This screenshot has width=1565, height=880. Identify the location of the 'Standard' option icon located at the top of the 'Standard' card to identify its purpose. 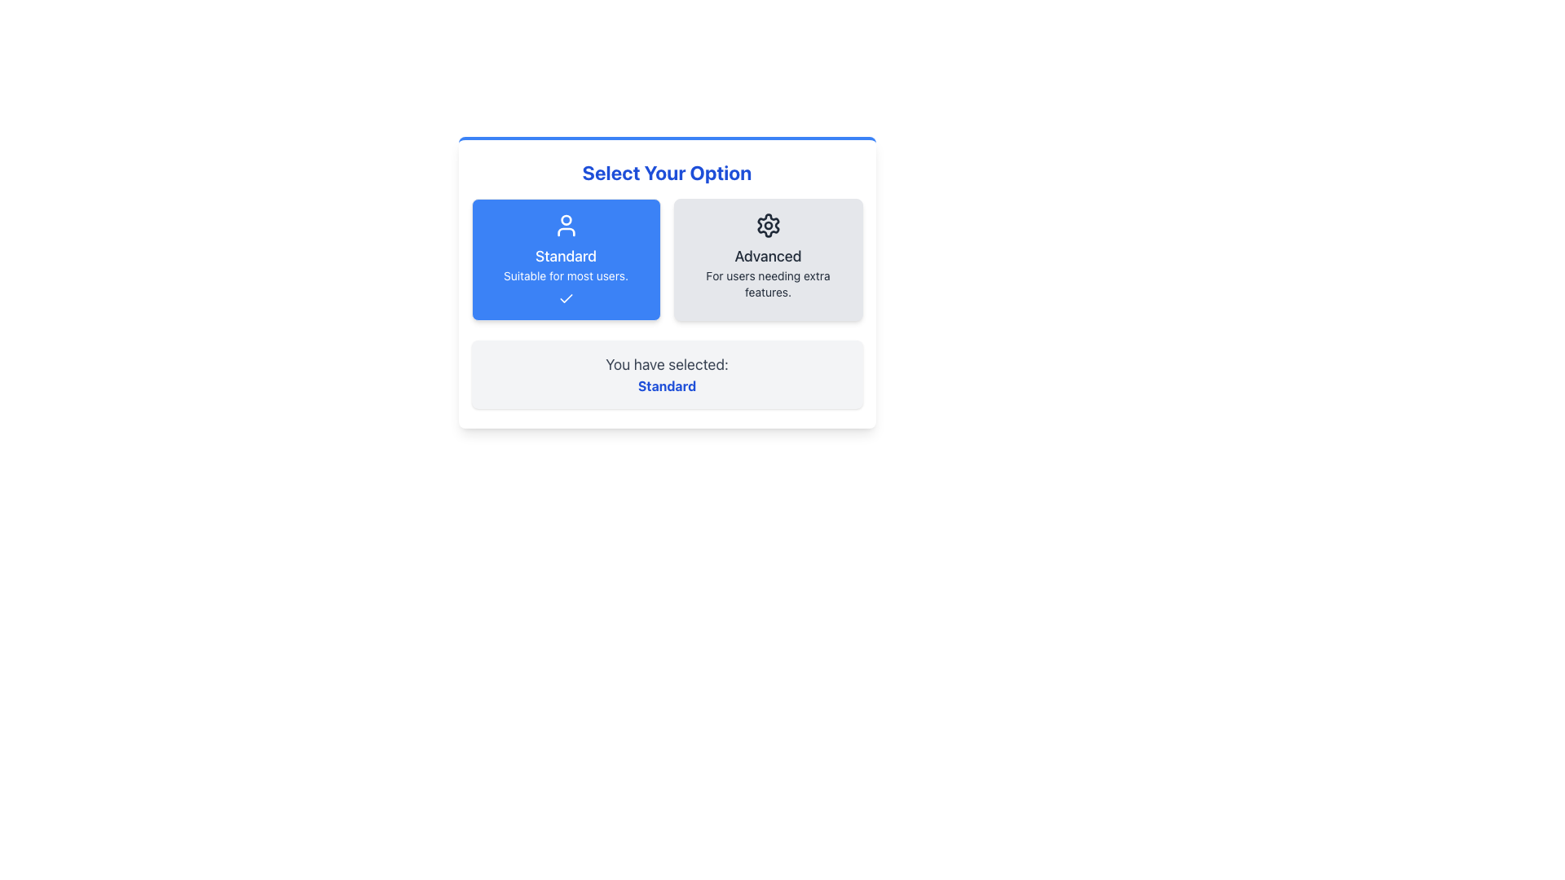
(566, 226).